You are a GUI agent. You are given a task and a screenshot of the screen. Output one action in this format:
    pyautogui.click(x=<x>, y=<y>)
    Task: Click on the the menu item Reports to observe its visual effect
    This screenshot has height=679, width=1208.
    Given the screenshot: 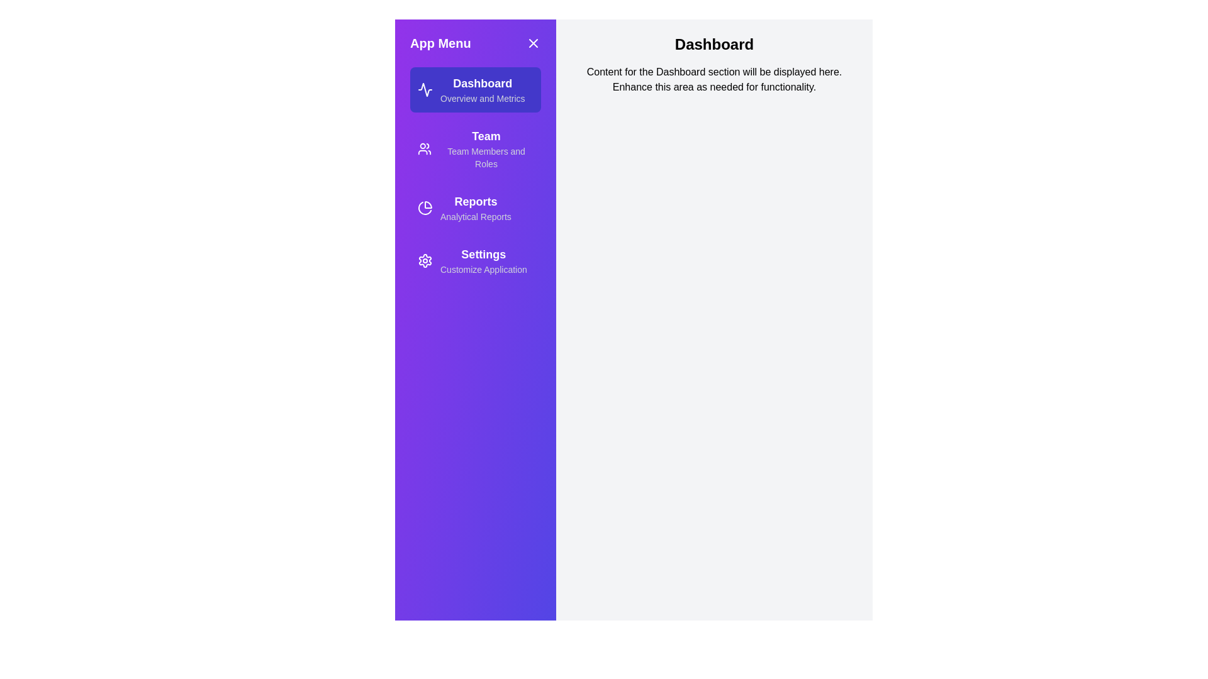 What is the action you would take?
    pyautogui.click(x=474, y=207)
    